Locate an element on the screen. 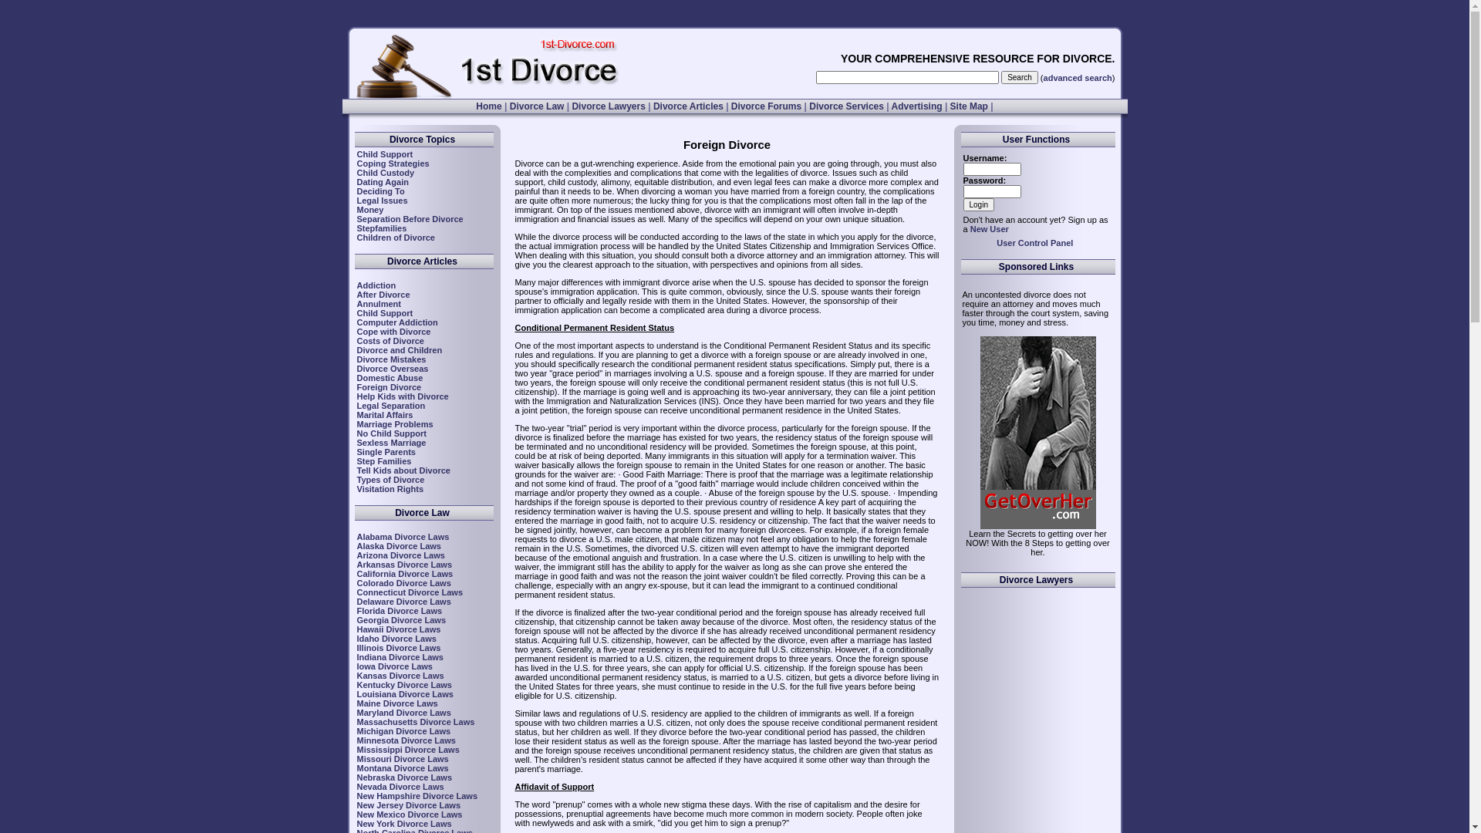 The height and width of the screenshot is (833, 1481). 'No Child Support' is located at coordinates (355, 433).